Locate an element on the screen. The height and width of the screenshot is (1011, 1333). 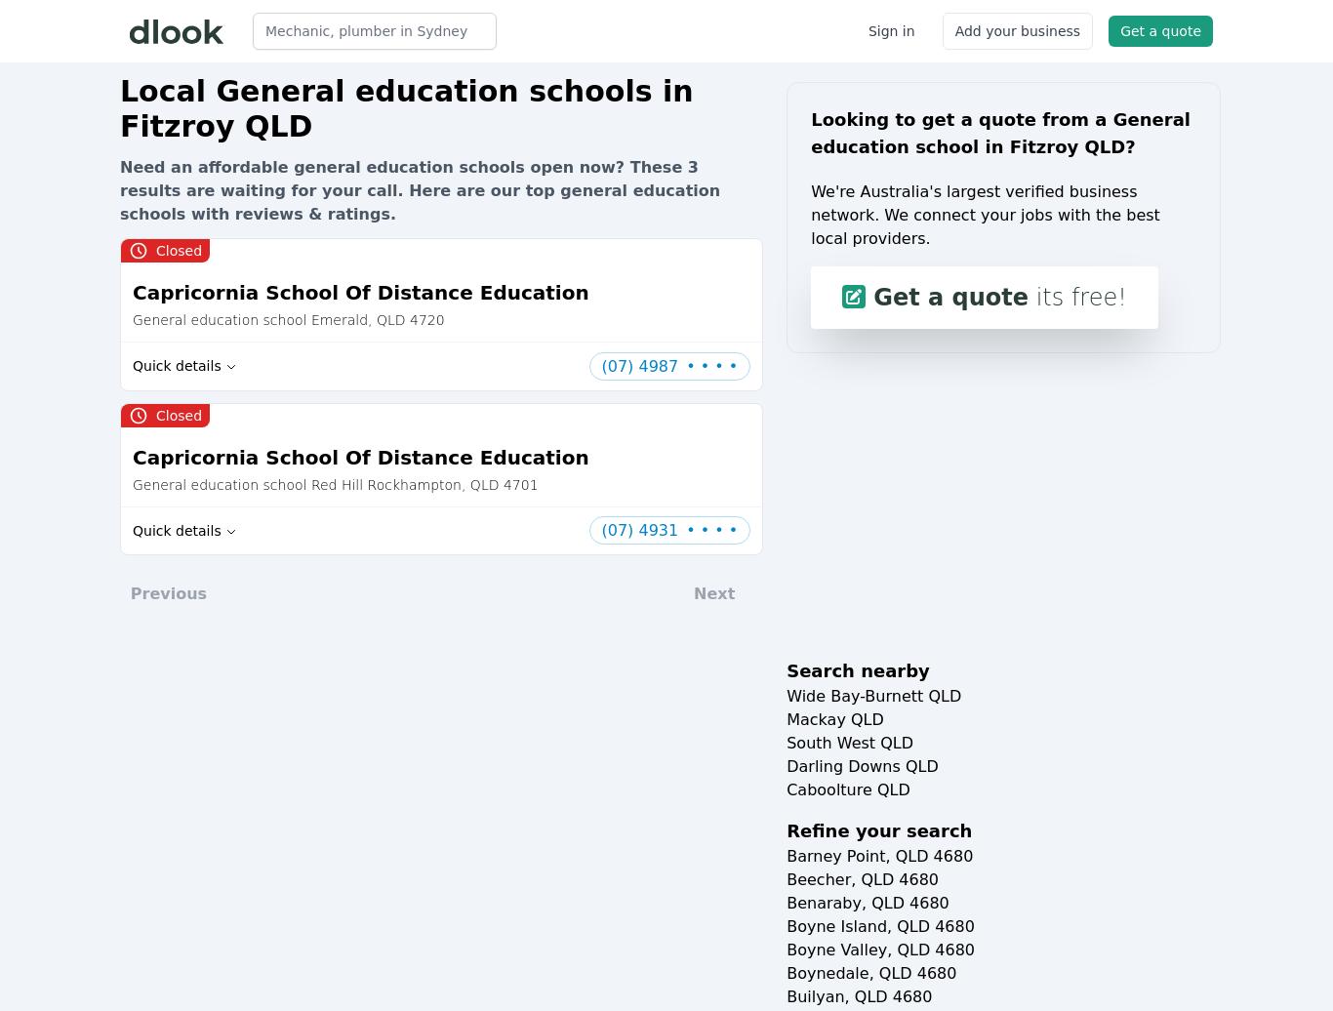
'Boynedale, QLD 4680' is located at coordinates (785, 973).